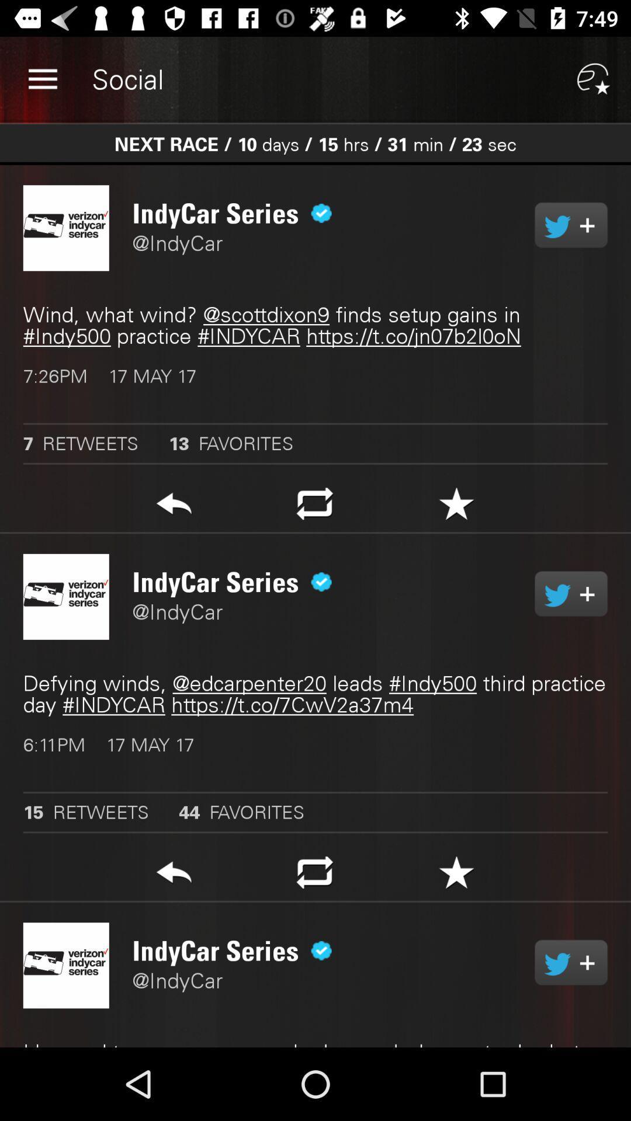 The width and height of the screenshot is (631, 1121). I want to click on retweet, so click(314, 507).